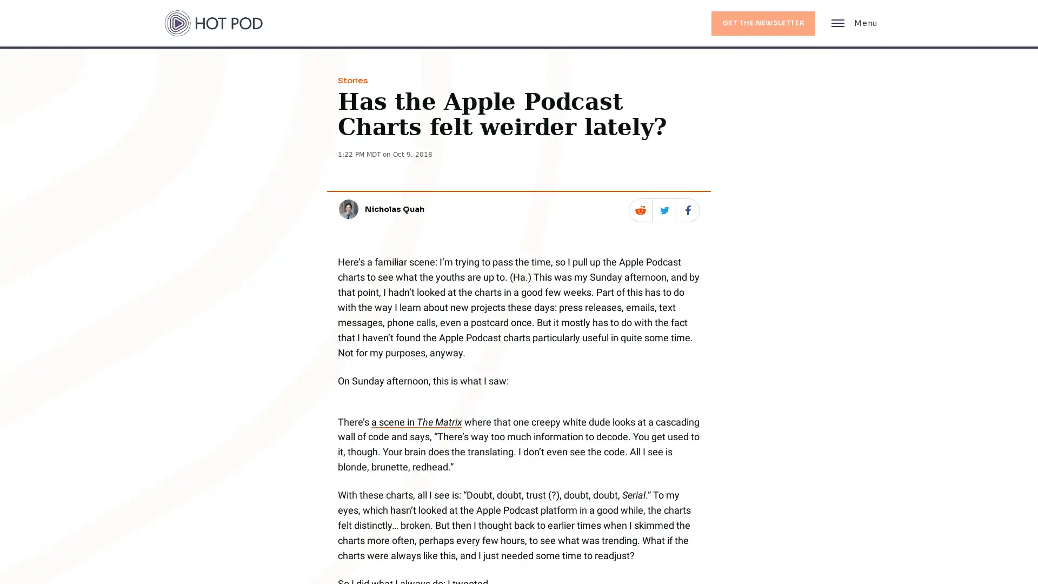 The width and height of the screenshot is (1038, 584). I want to click on GET THE NEWSLETTER, so click(762, 23).